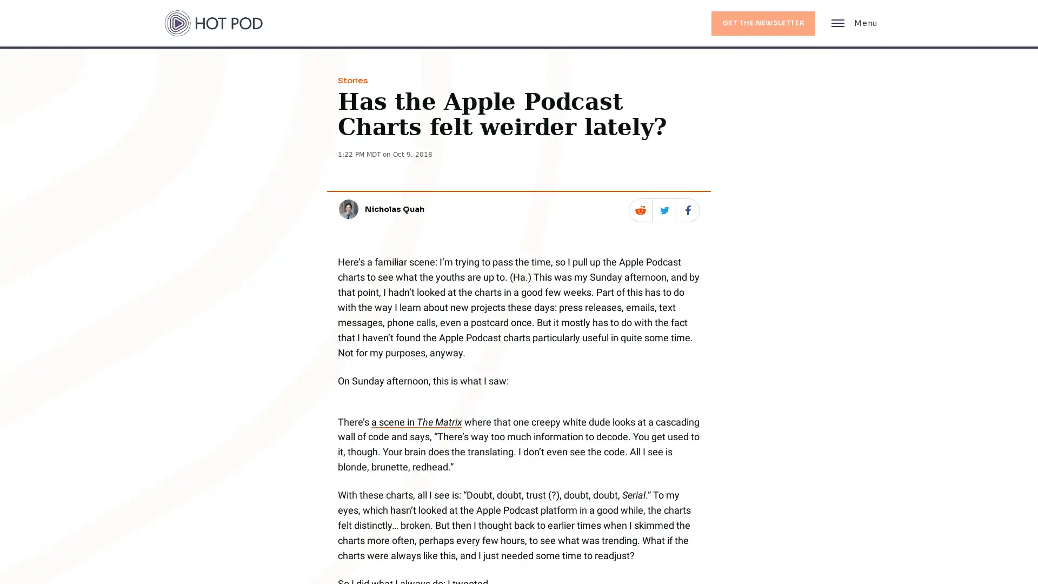 The width and height of the screenshot is (1038, 584). I want to click on GET THE NEWSLETTER, so click(762, 23).